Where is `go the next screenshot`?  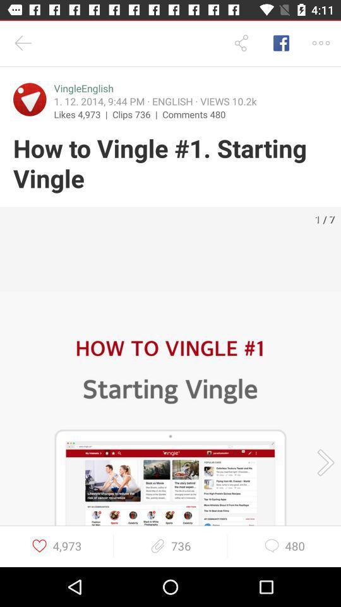 go the next screenshot is located at coordinates (321, 462).